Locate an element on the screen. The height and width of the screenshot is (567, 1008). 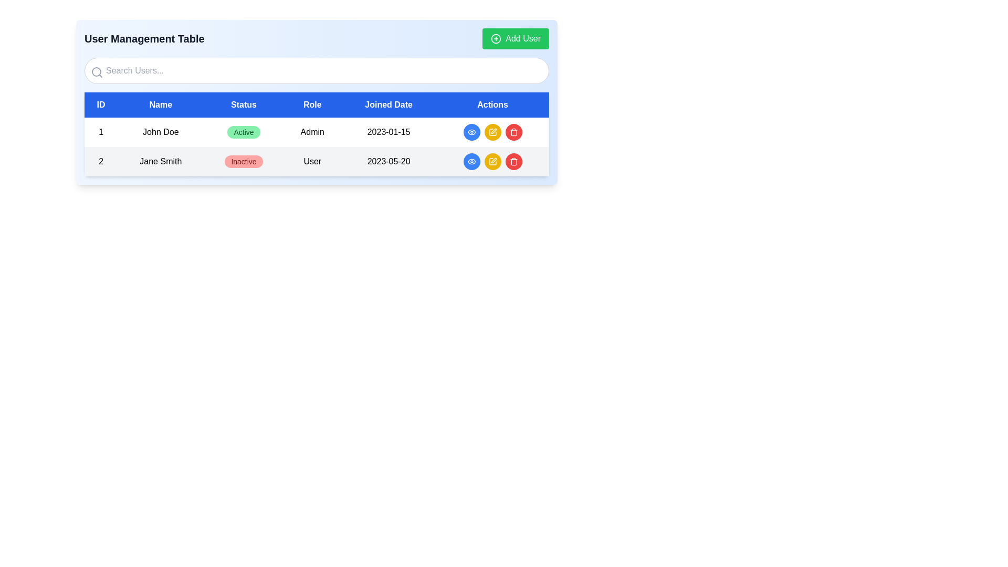
the 'Inactive' label badge with a red background located in the 'Status' column of the second row for 'Jane Smith' is located at coordinates (243, 162).